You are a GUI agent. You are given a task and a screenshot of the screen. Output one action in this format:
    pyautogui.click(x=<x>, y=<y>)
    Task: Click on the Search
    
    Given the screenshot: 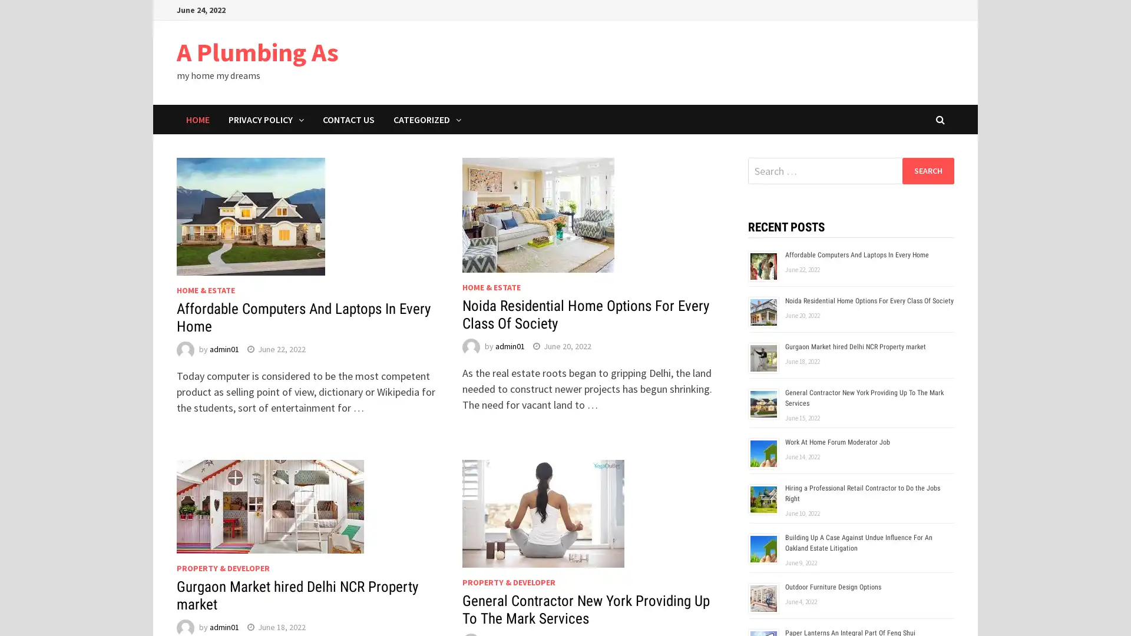 What is the action you would take?
    pyautogui.click(x=927, y=170)
    